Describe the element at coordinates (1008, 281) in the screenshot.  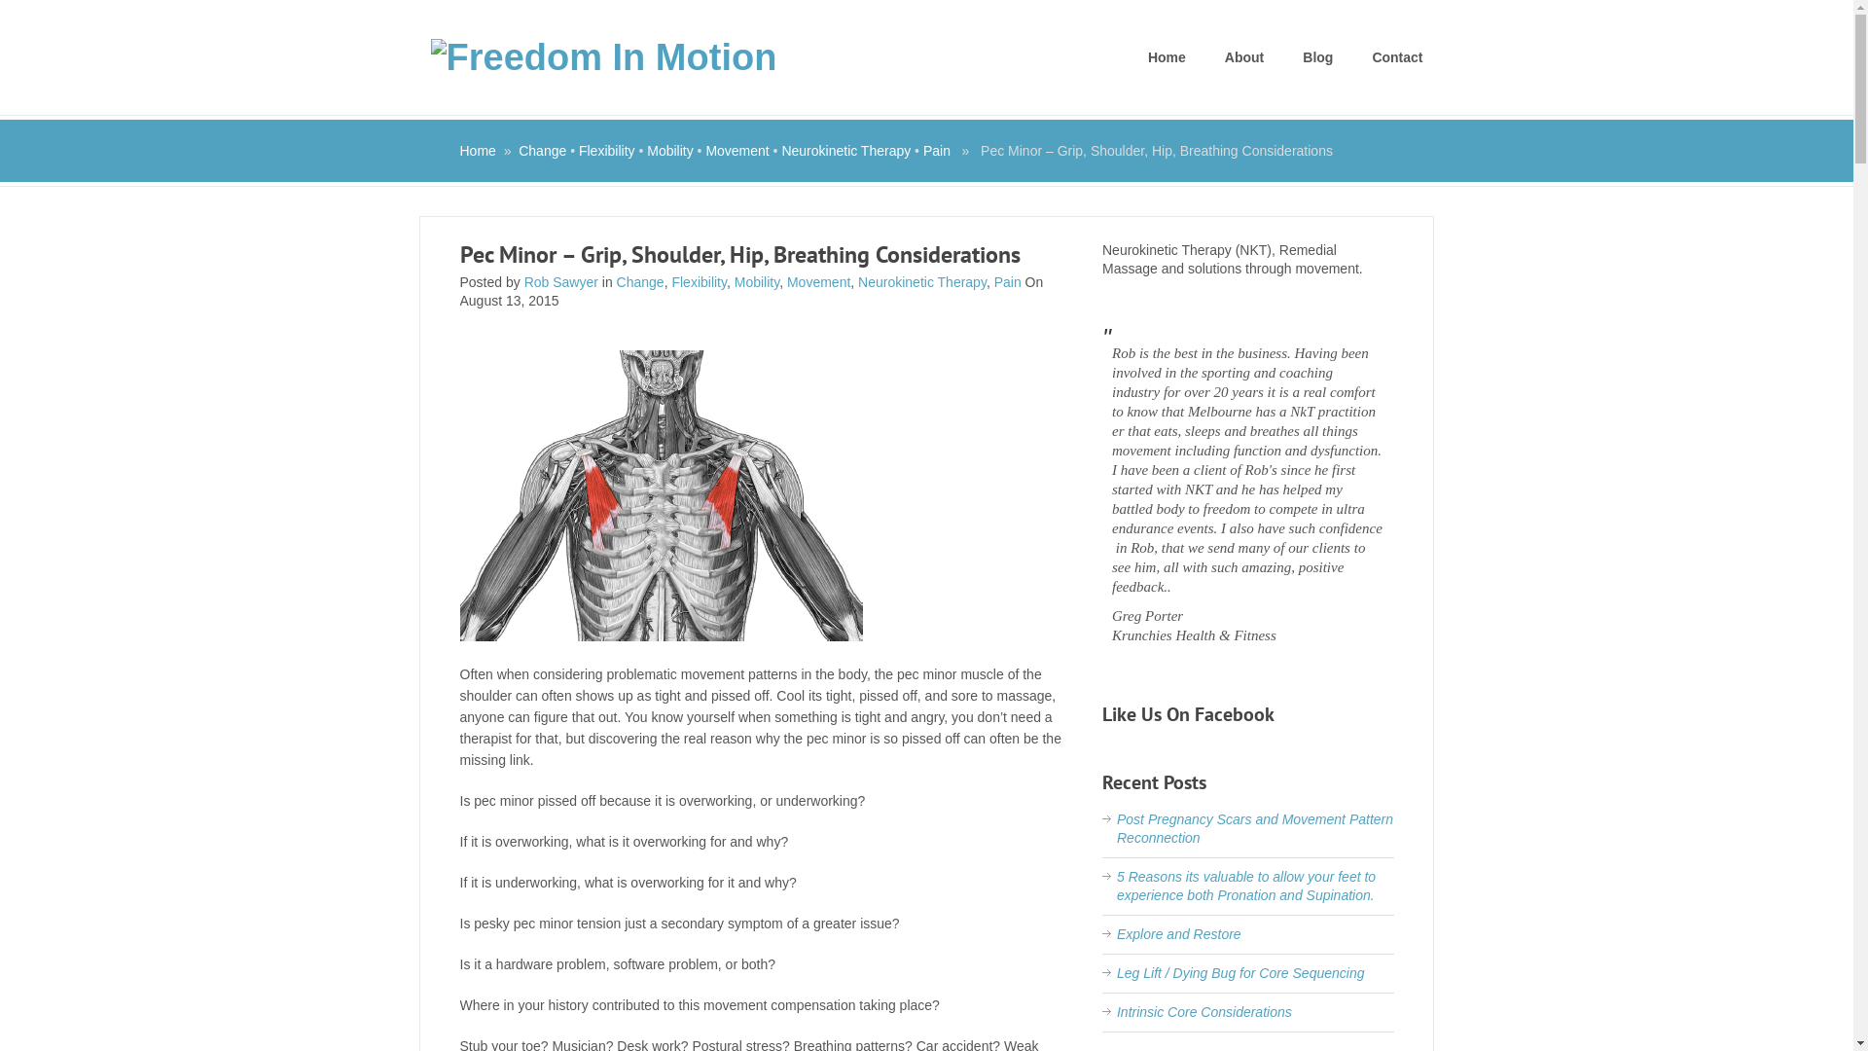
I see `'Pain'` at that location.